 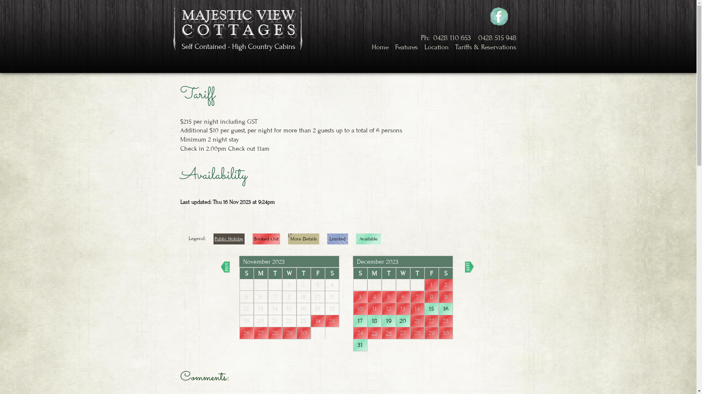 I want to click on 'Tariffs & Reservations', so click(x=486, y=47).